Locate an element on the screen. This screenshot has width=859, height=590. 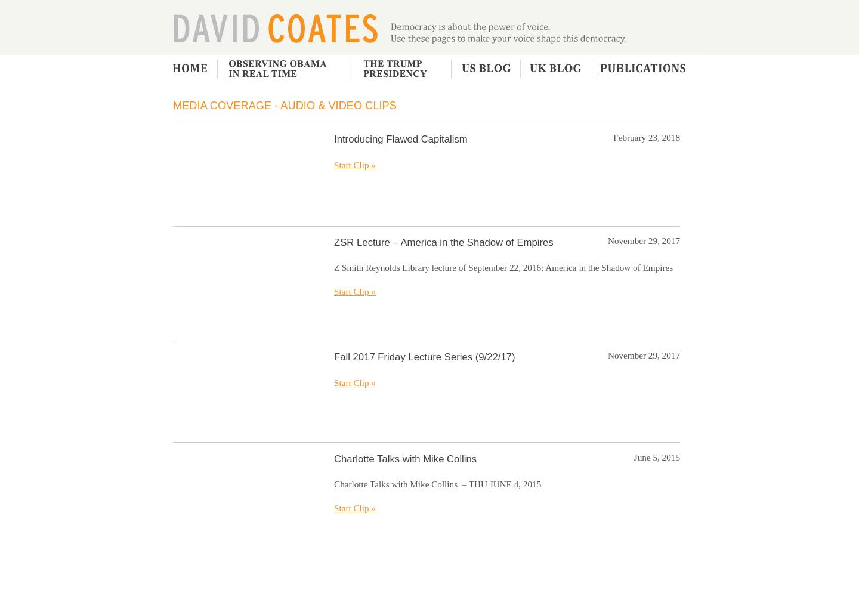
'June 5, 2015' is located at coordinates (656, 456).